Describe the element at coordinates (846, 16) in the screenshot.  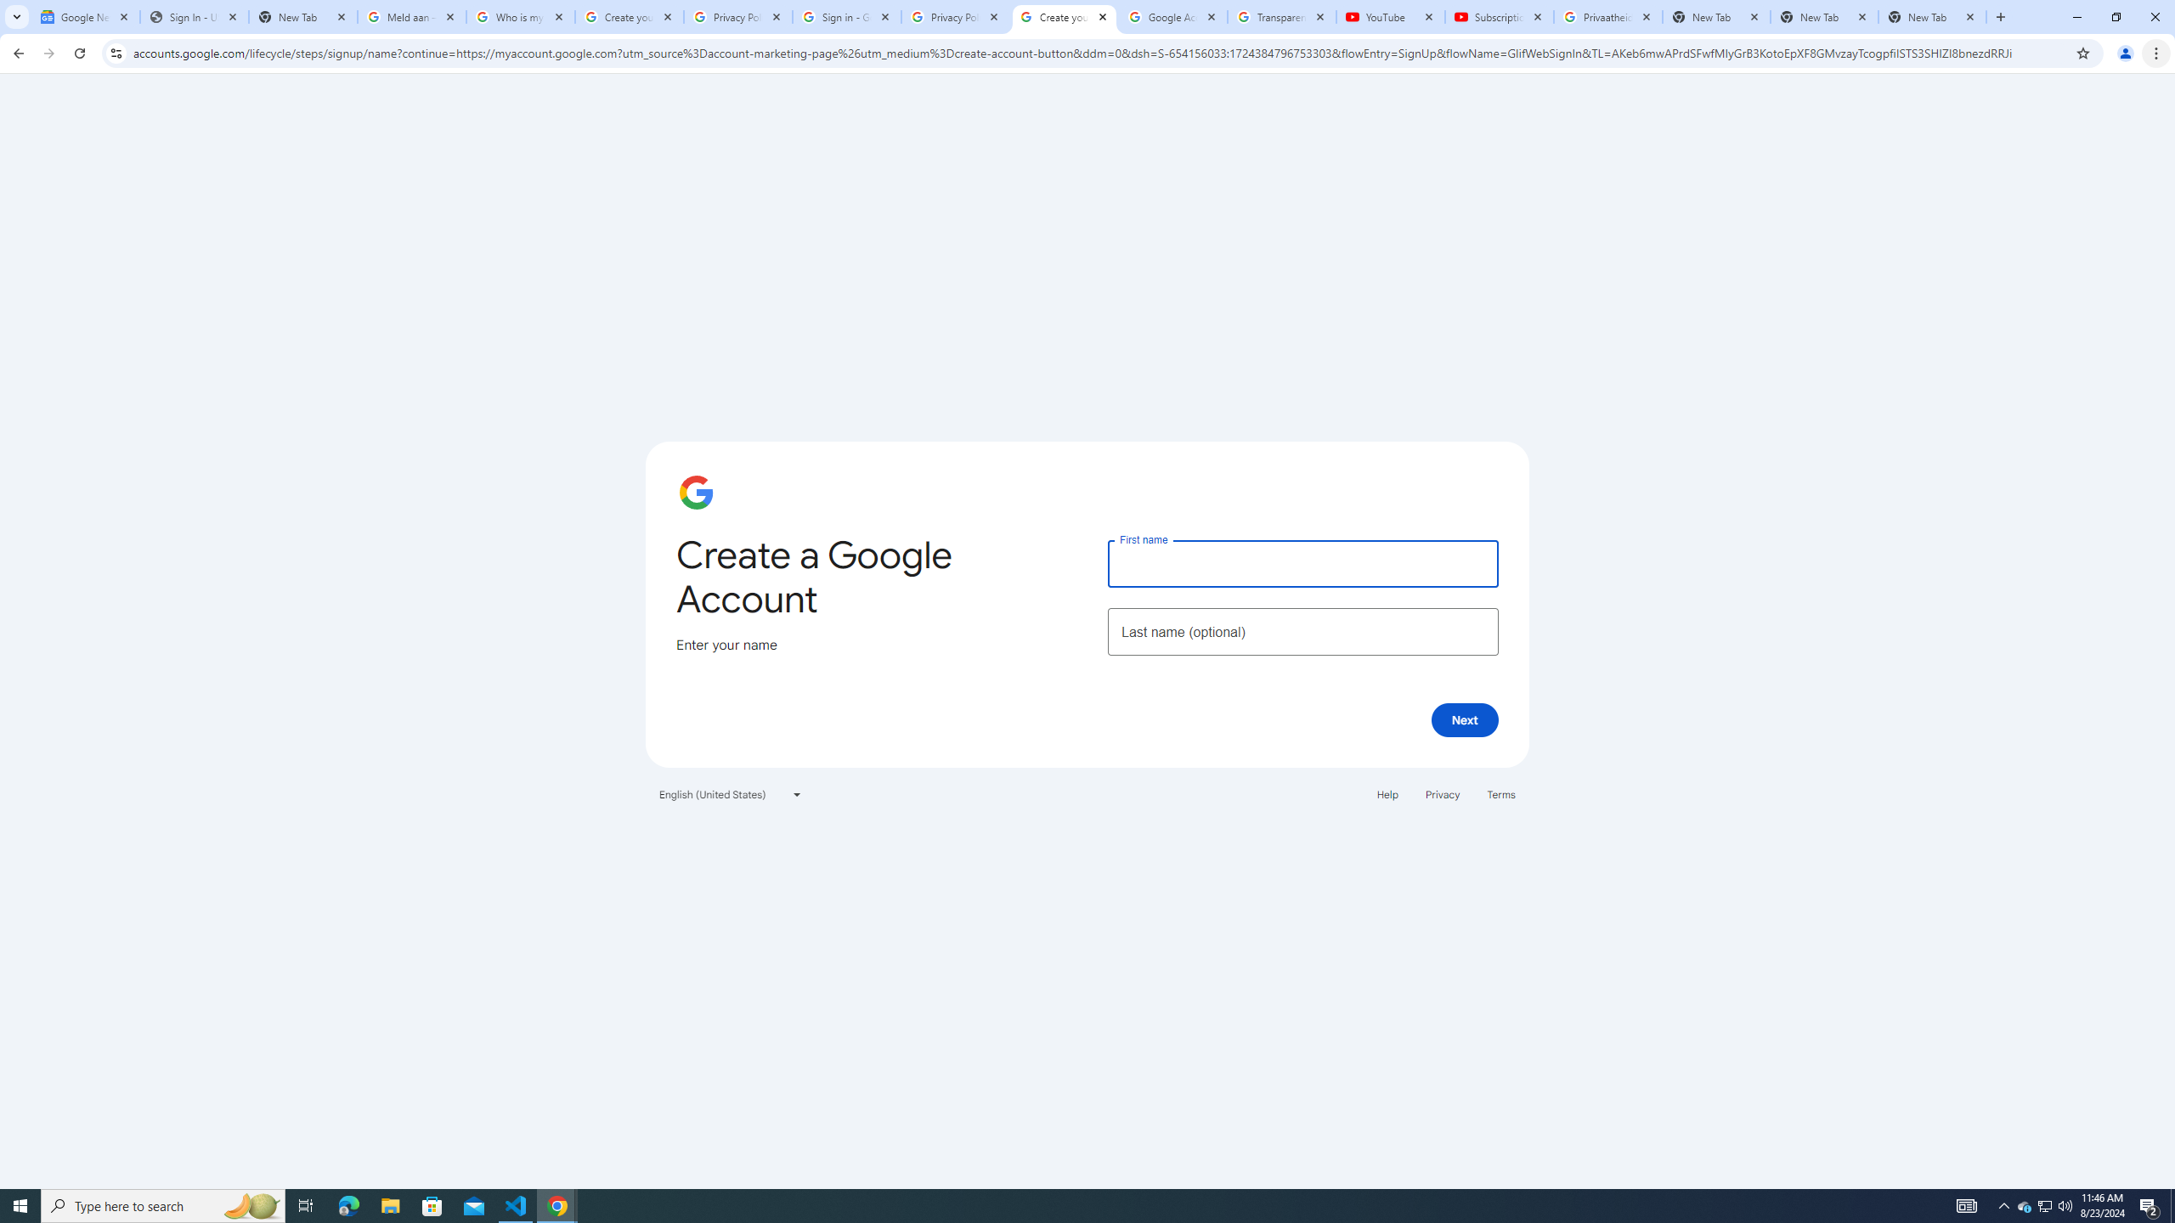
I see `'Sign in - Google Accounts'` at that location.